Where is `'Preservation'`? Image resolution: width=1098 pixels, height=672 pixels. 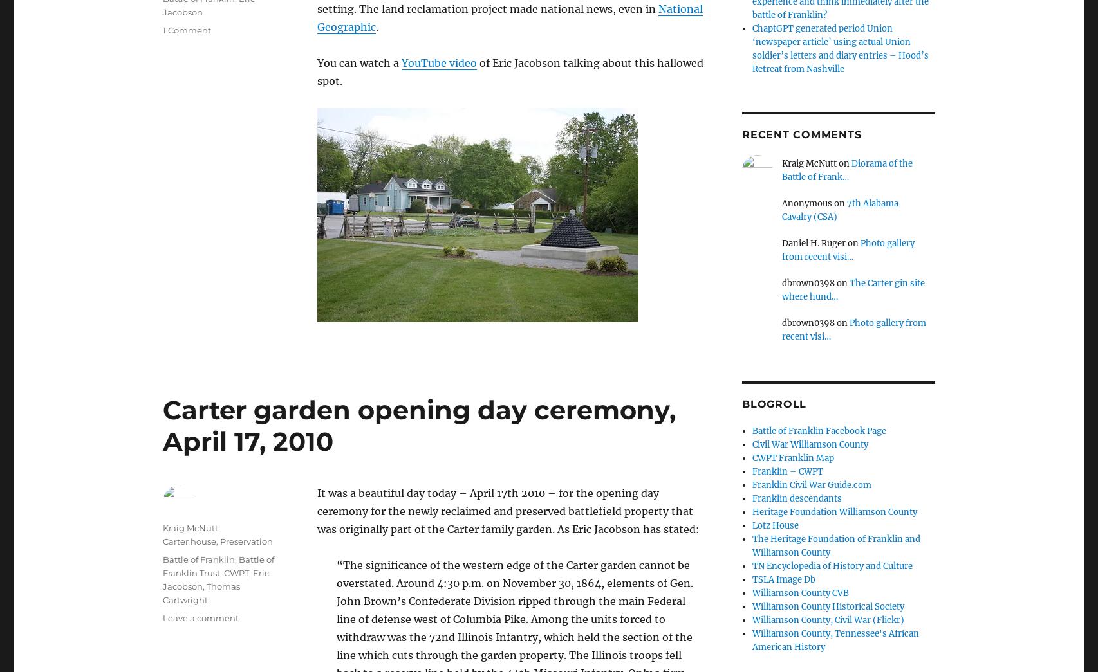
'Preservation' is located at coordinates (246, 540).